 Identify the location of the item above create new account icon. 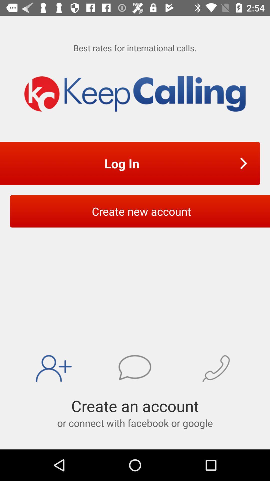
(123, 163).